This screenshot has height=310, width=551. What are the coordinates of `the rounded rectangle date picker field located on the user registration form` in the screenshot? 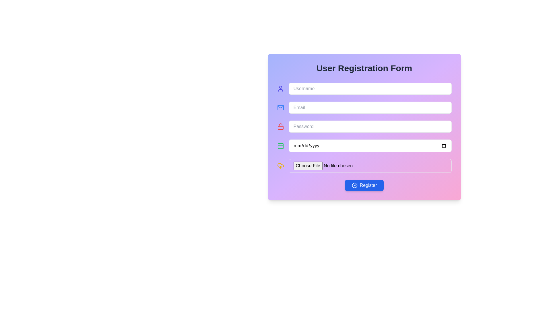 It's located at (370, 146).